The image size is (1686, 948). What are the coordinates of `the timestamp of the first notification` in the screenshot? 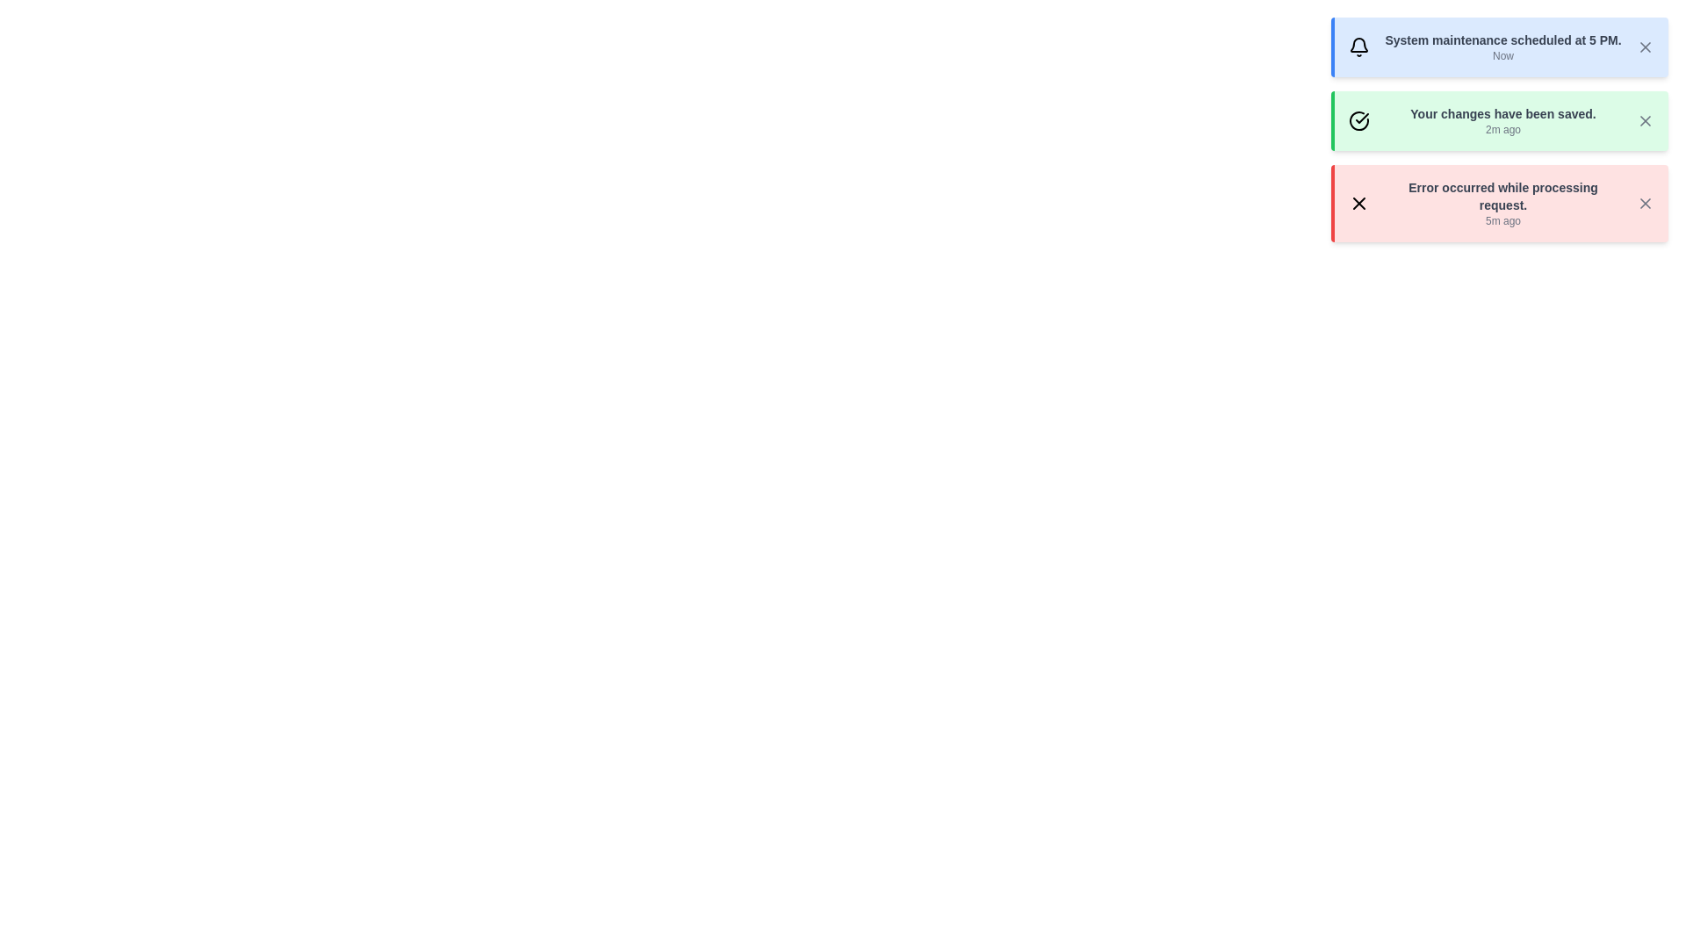 It's located at (1502, 55).